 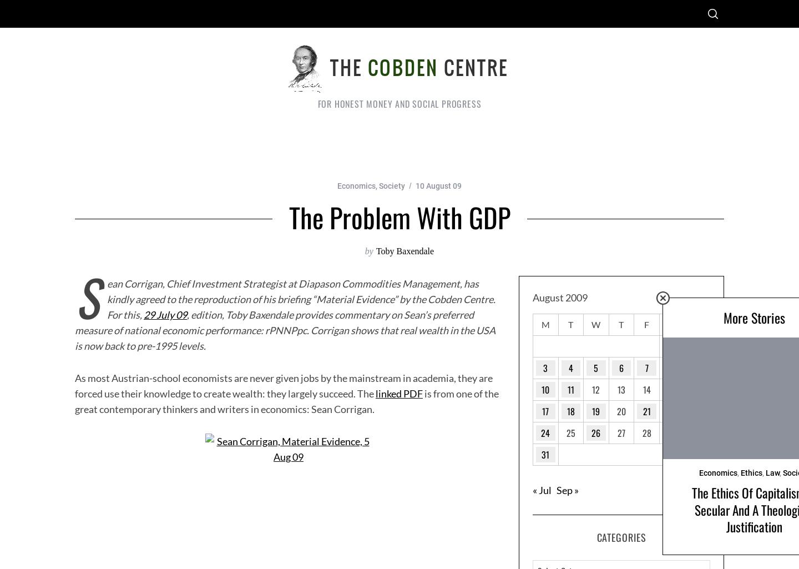 What do you see at coordinates (376, 185) in the screenshot?
I see `','` at bounding box center [376, 185].